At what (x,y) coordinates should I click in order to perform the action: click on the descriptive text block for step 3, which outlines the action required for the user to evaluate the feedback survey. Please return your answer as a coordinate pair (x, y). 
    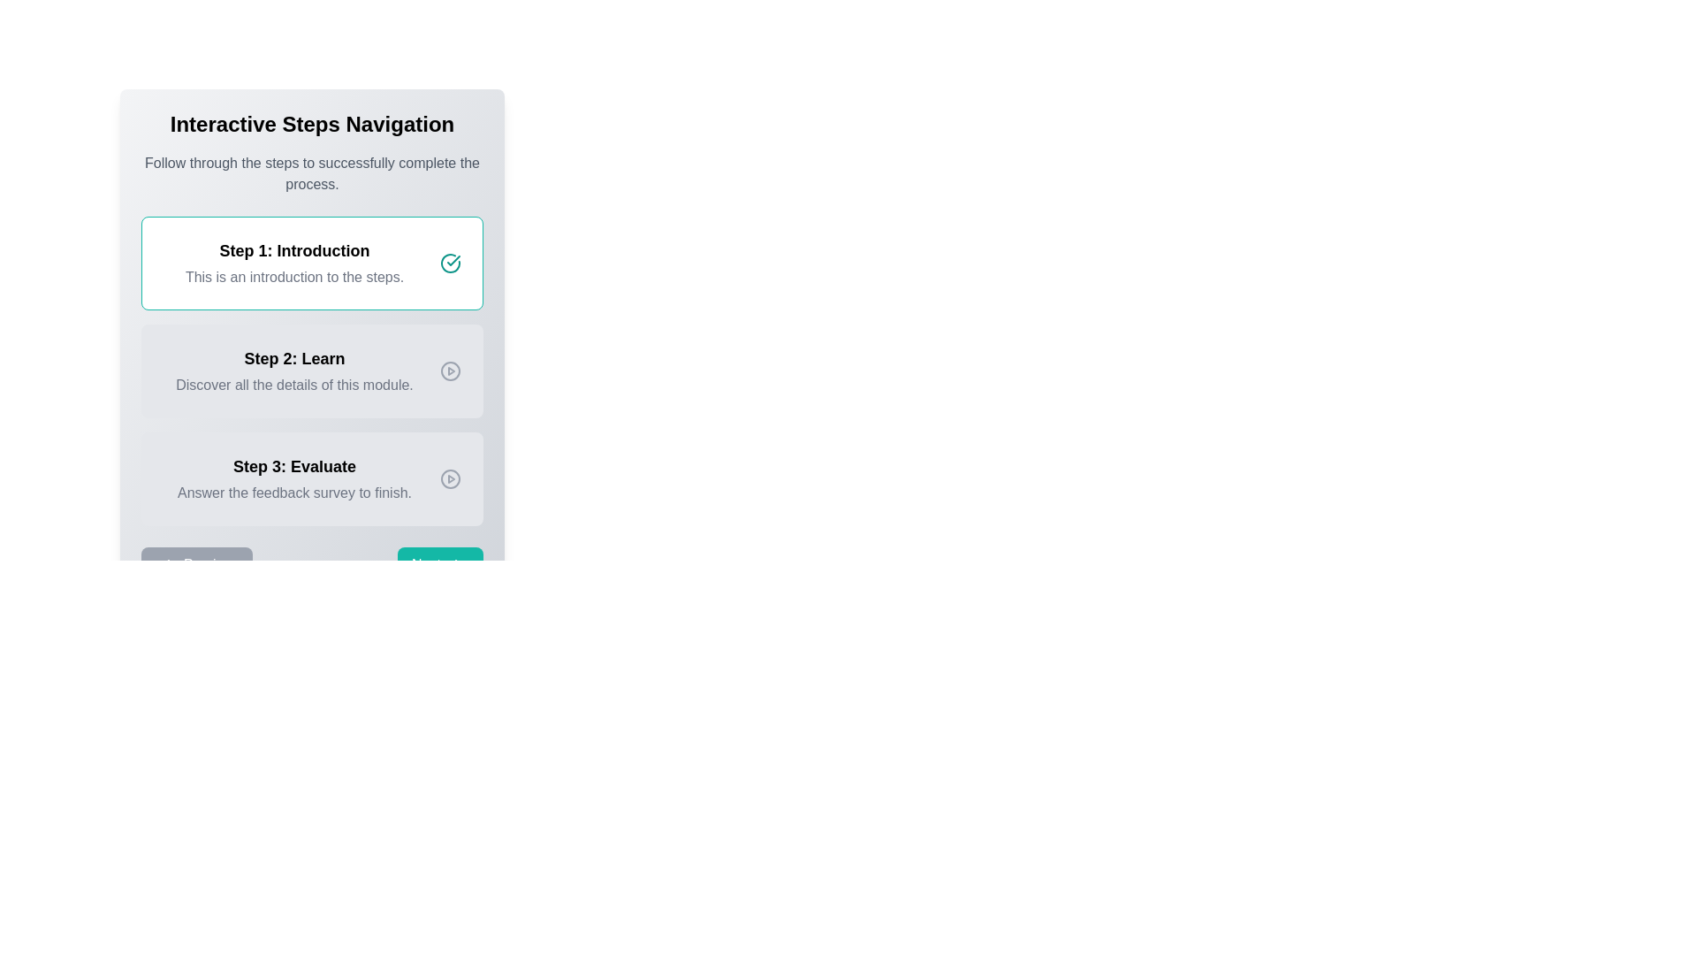
    Looking at the image, I should click on (294, 479).